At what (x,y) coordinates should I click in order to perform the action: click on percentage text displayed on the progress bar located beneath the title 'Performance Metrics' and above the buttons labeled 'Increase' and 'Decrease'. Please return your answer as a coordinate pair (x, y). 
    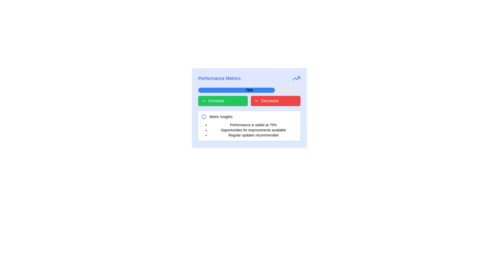
    Looking at the image, I should click on (249, 90).